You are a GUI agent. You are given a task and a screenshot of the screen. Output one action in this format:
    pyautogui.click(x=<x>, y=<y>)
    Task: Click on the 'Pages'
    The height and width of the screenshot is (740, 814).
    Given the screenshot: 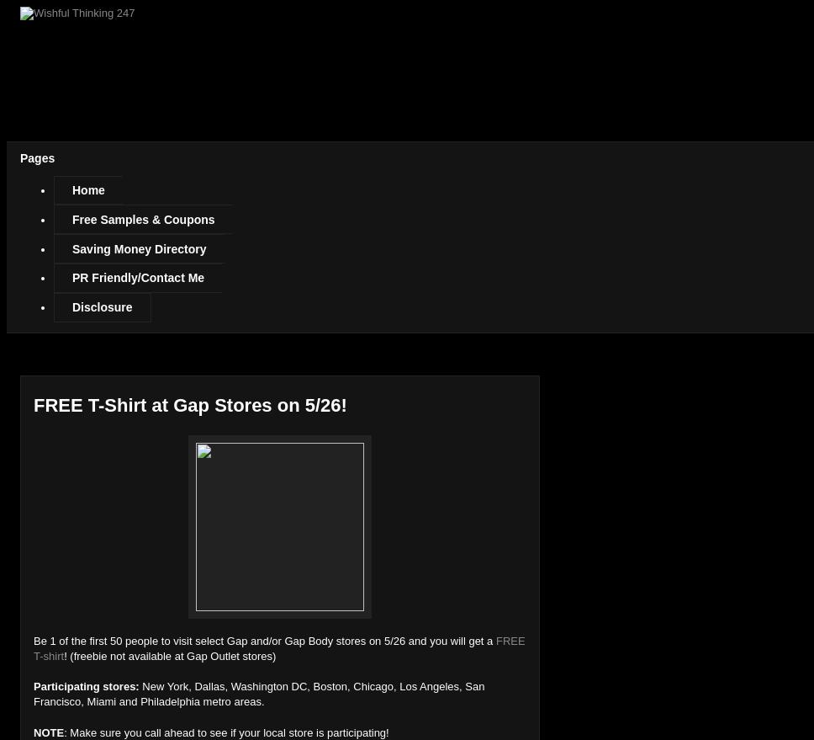 What is the action you would take?
    pyautogui.click(x=36, y=156)
    